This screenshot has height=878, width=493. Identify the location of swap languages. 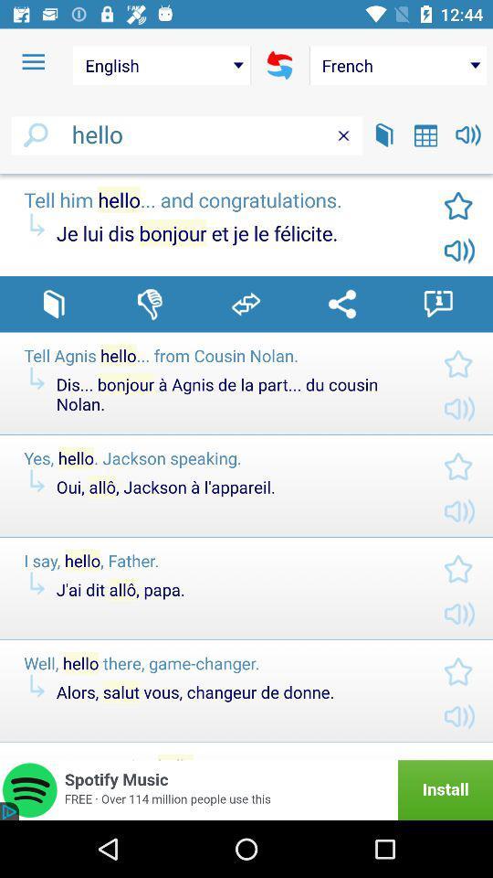
(246, 304).